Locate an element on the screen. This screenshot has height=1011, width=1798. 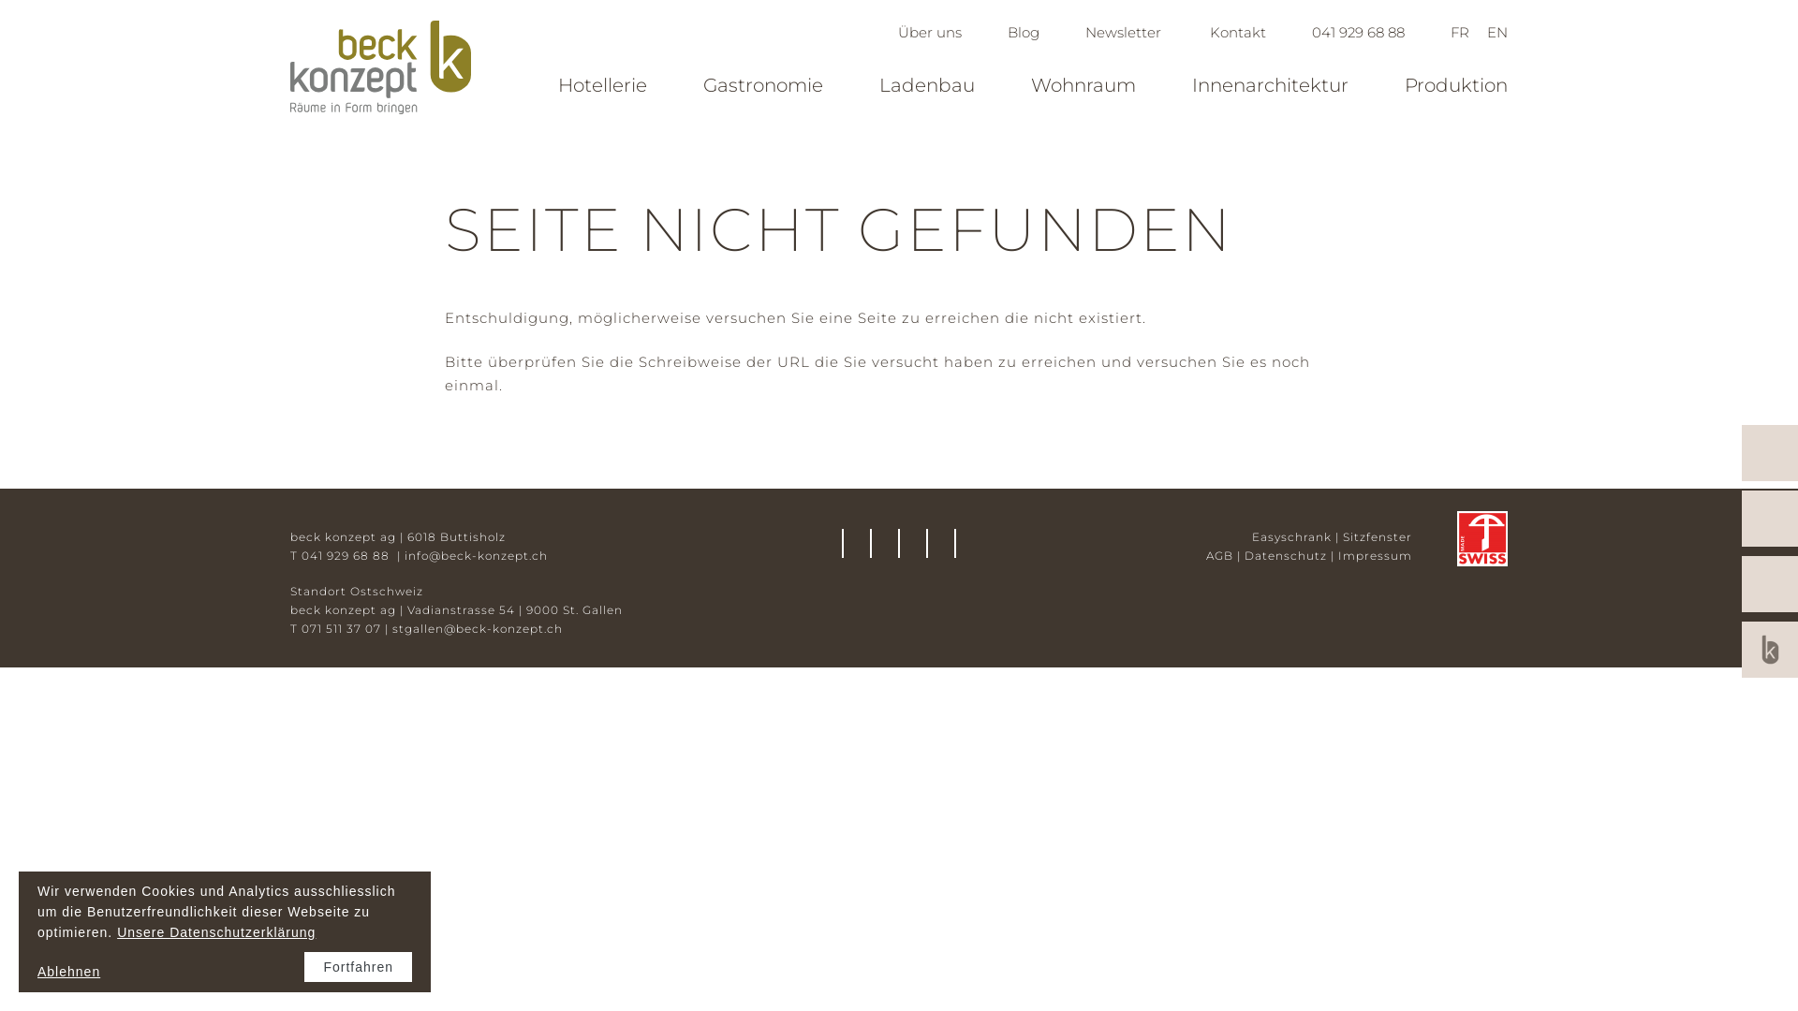
'Produktion' is located at coordinates (1404, 85).